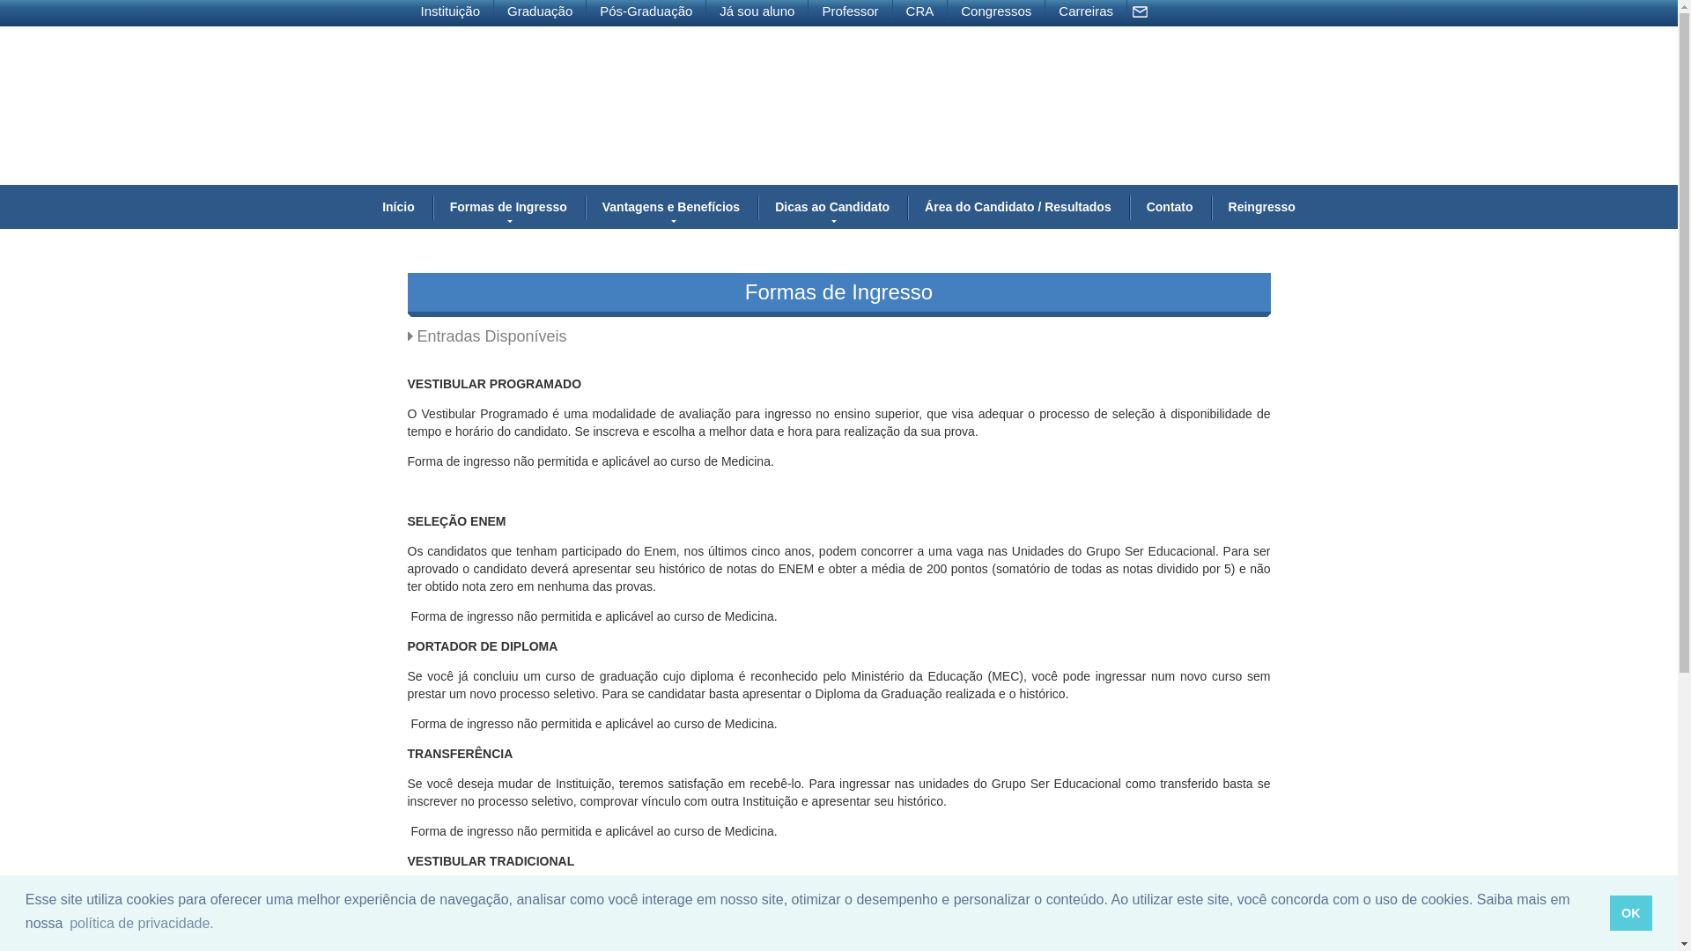 The image size is (1691, 951). What do you see at coordinates (1261, 206) in the screenshot?
I see `'Reingresso'` at bounding box center [1261, 206].